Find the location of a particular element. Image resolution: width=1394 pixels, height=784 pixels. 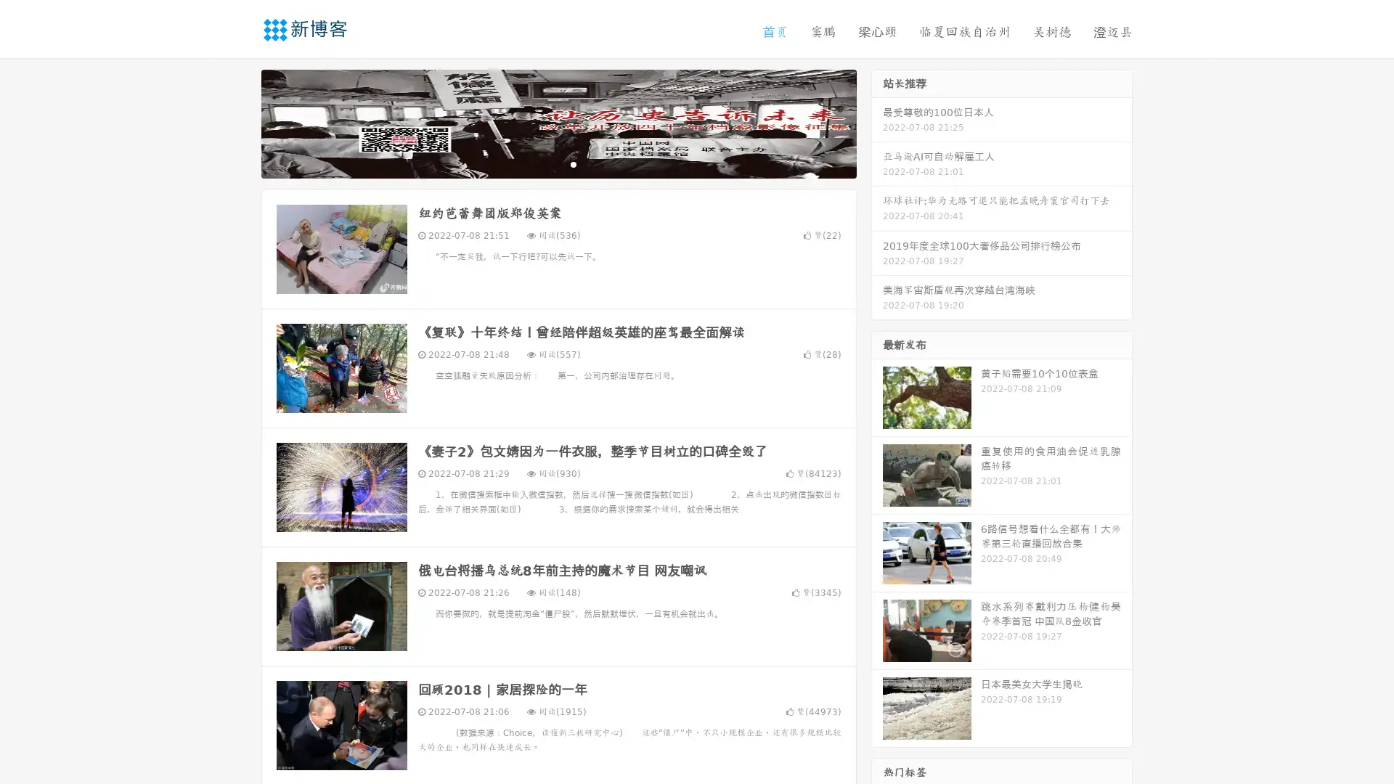

Previous slide is located at coordinates (240, 122).